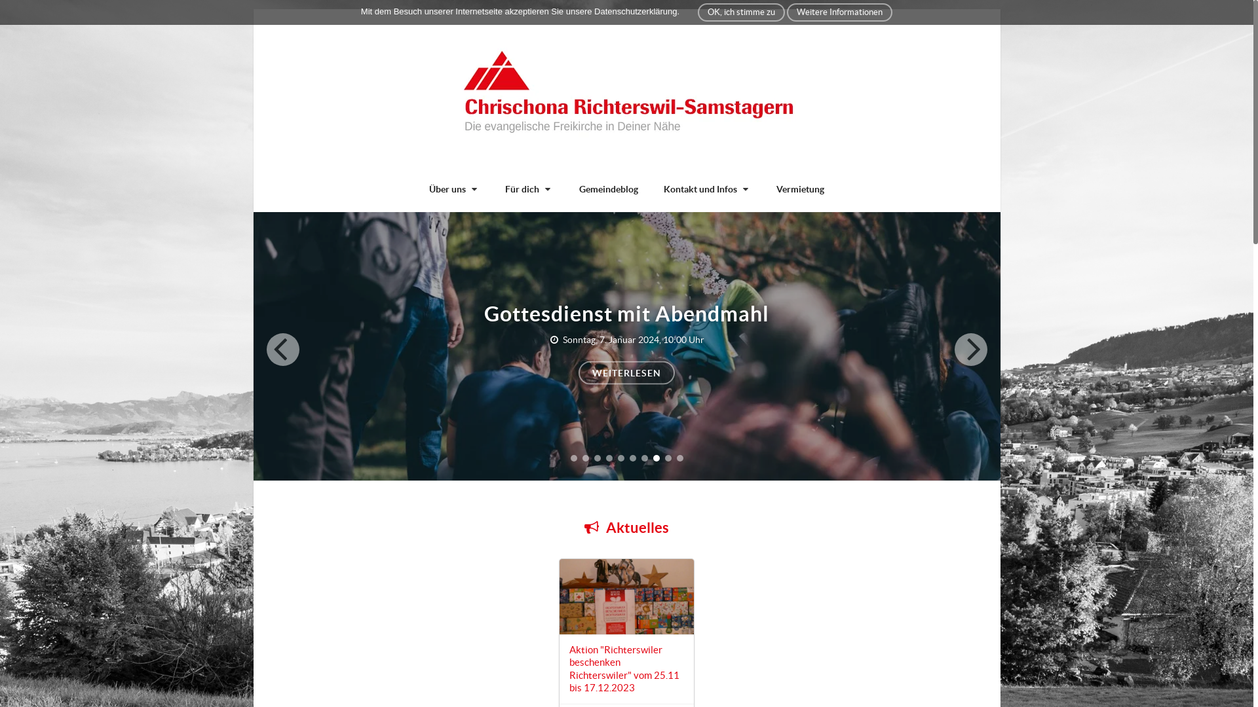 The width and height of the screenshot is (1258, 707). I want to click on '8', so click(656, 457).